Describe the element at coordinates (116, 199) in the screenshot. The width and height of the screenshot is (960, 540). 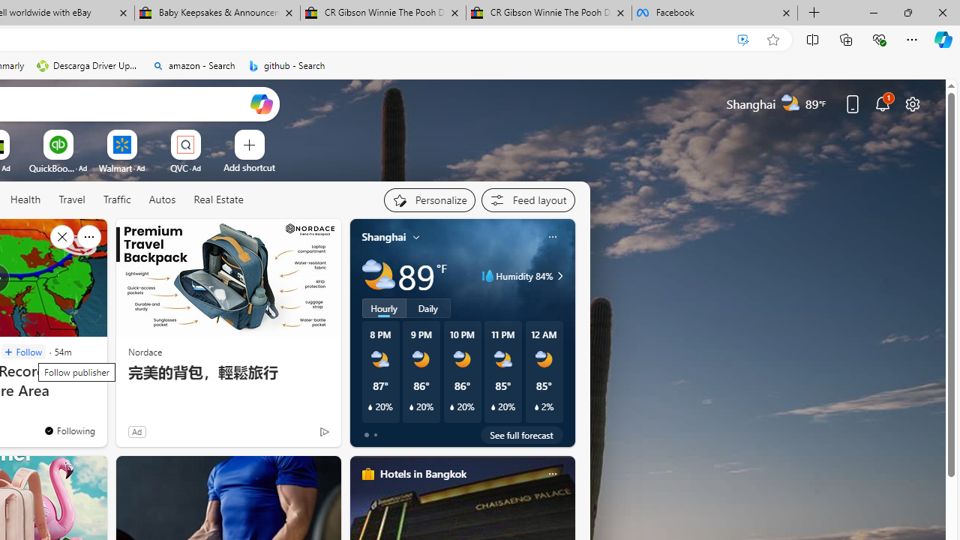
I see `'Traffic'` at that location.